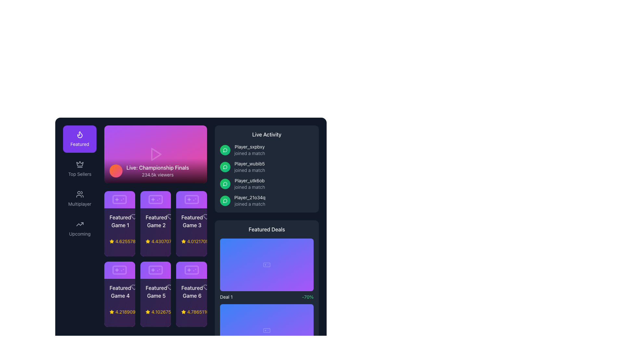 The width and height of the screenshot is (624, 351). I want to click on the text label indicating the name or description of the fourth featured game in the list, located in the second row of the grid layout under the 'Featured Games' section, so click(120, 292).